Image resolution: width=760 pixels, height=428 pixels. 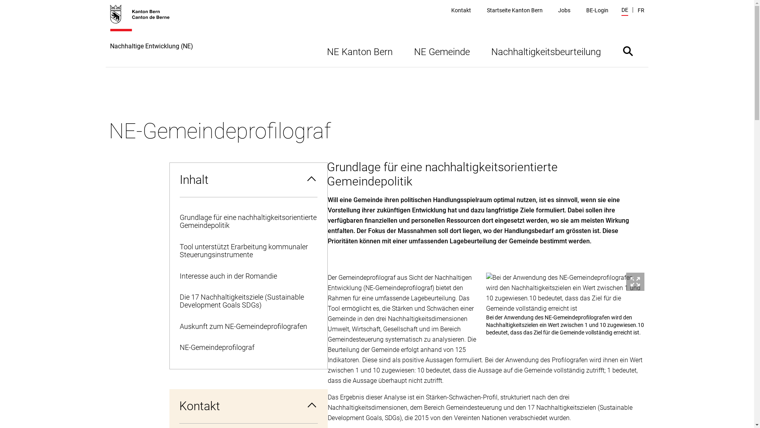 I want to click on 'Inhalt', so click(x=248, y=180).